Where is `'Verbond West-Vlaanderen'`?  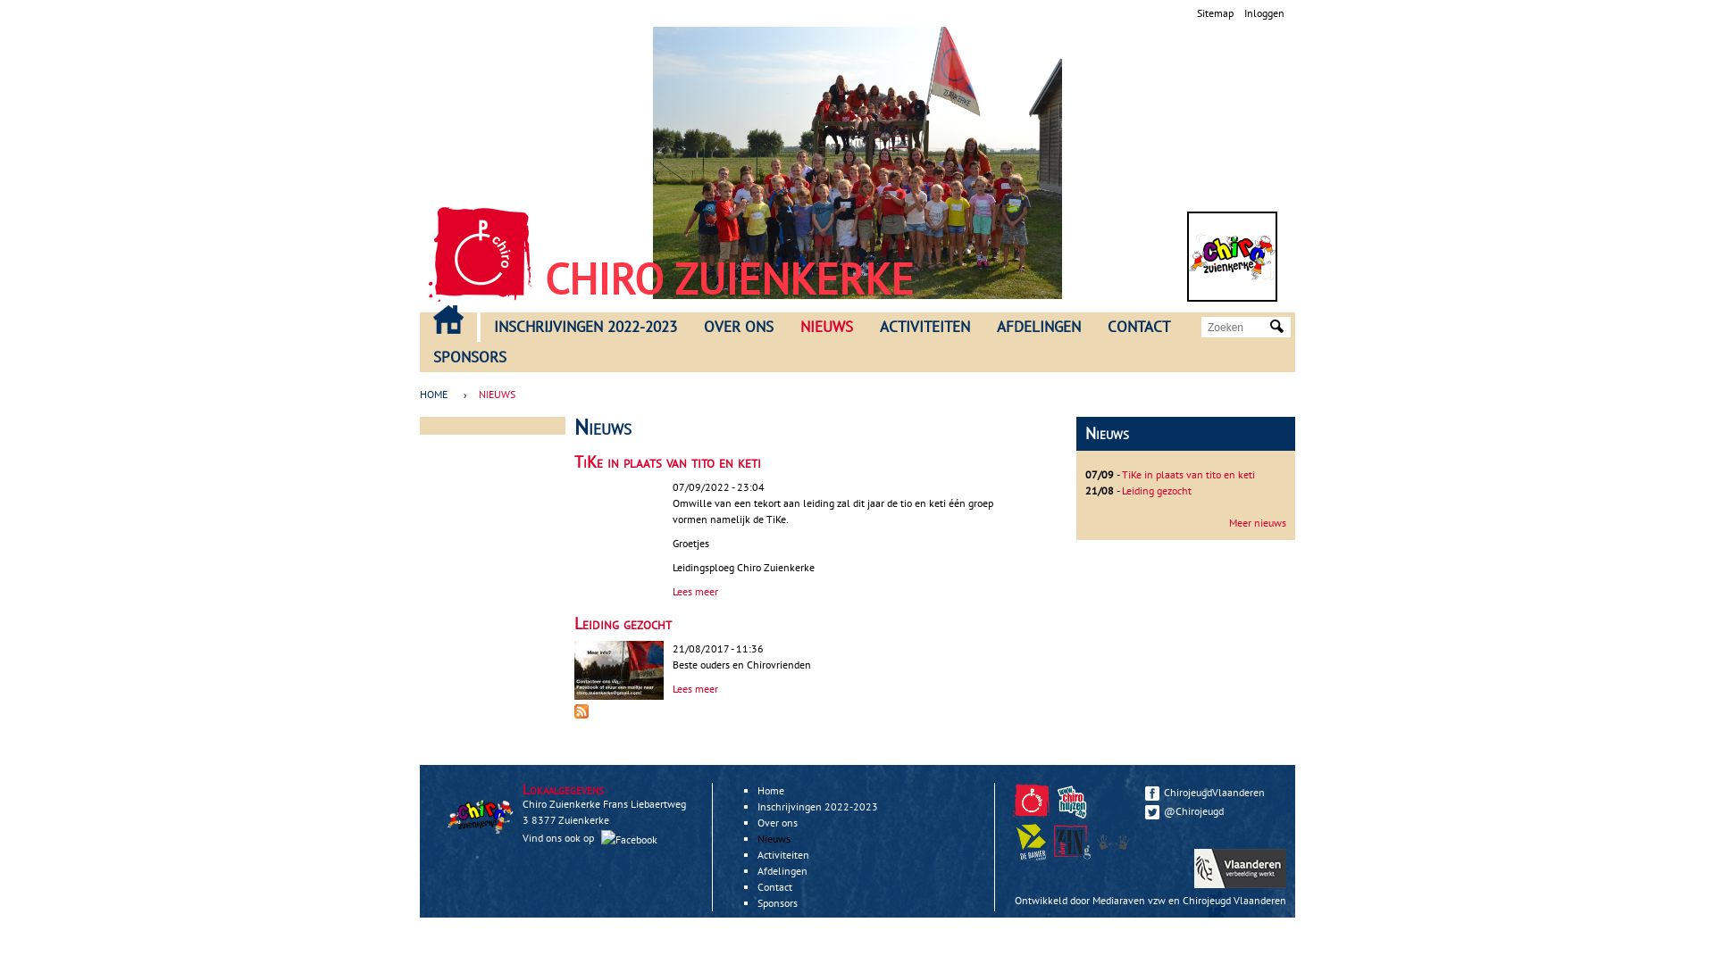 'Verbond West-Vlaanderen' is located at coordinates (1112, 842).